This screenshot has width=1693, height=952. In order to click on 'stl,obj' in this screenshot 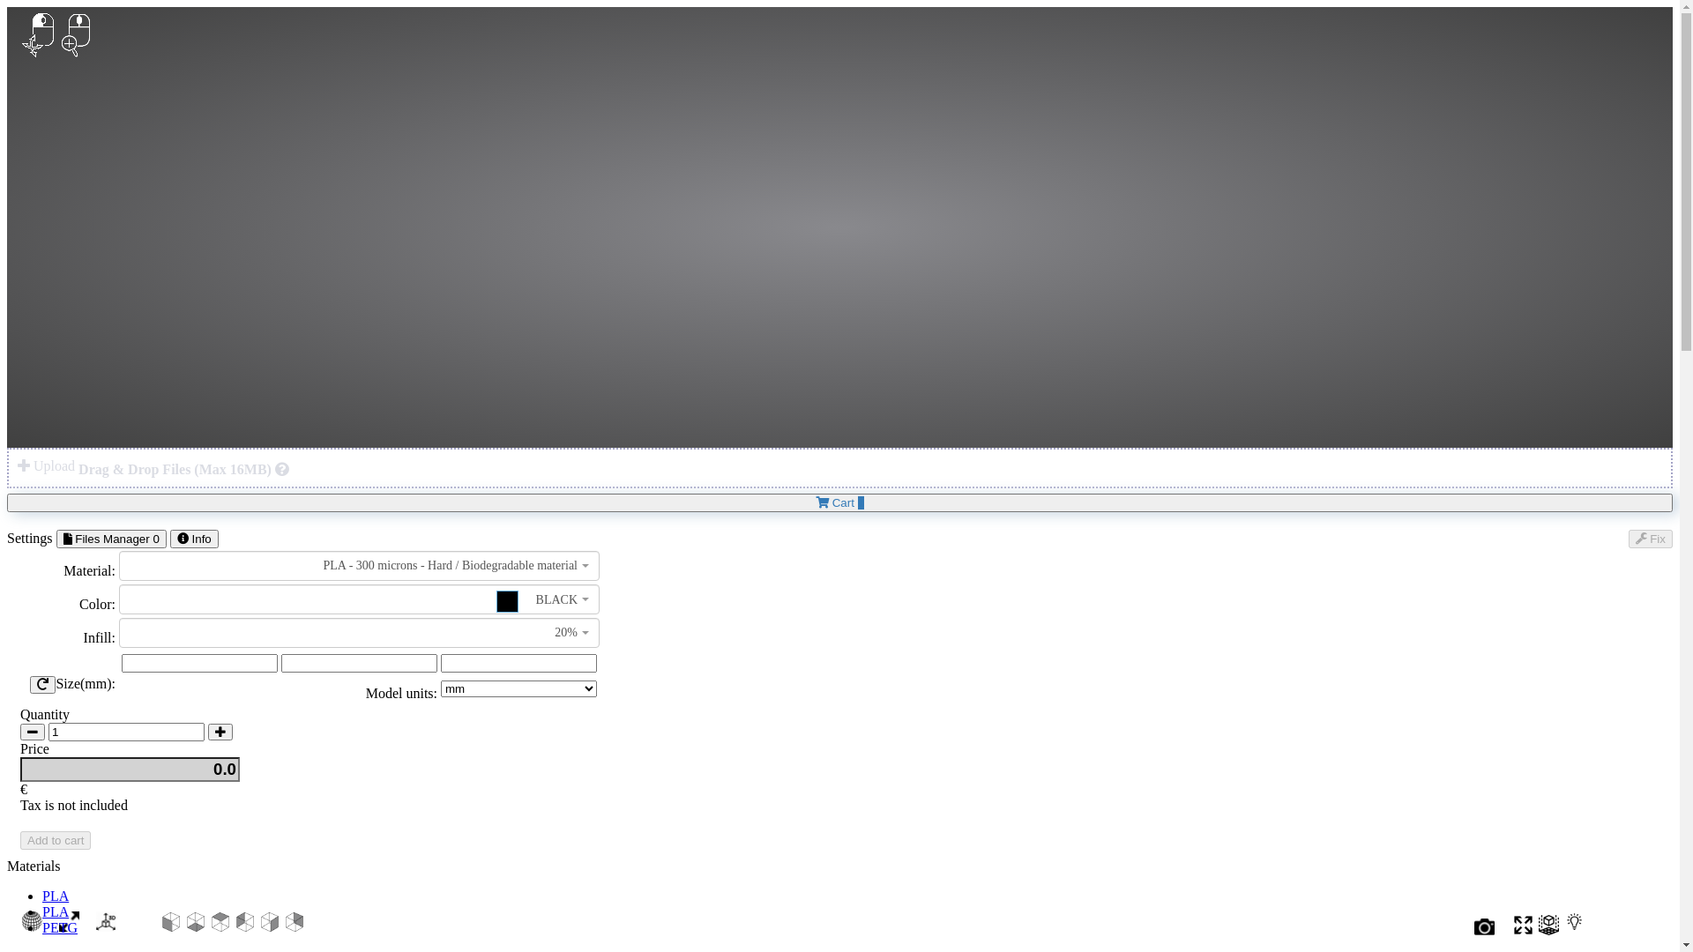, I will do `click(282, 468)`.